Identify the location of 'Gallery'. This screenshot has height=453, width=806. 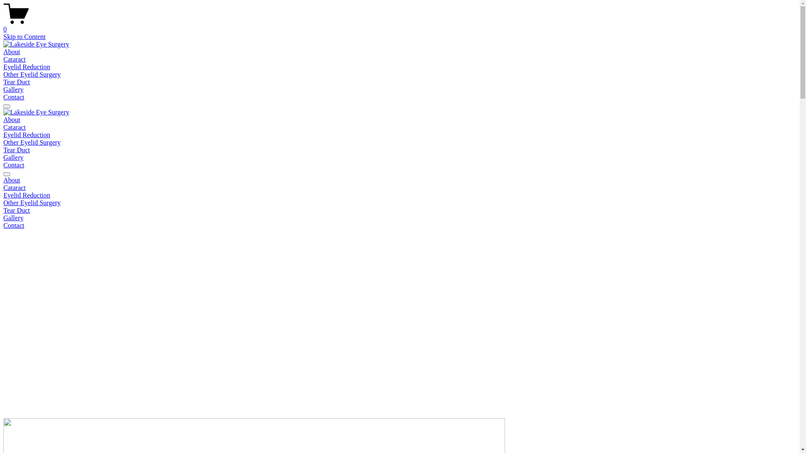
(13, 157).